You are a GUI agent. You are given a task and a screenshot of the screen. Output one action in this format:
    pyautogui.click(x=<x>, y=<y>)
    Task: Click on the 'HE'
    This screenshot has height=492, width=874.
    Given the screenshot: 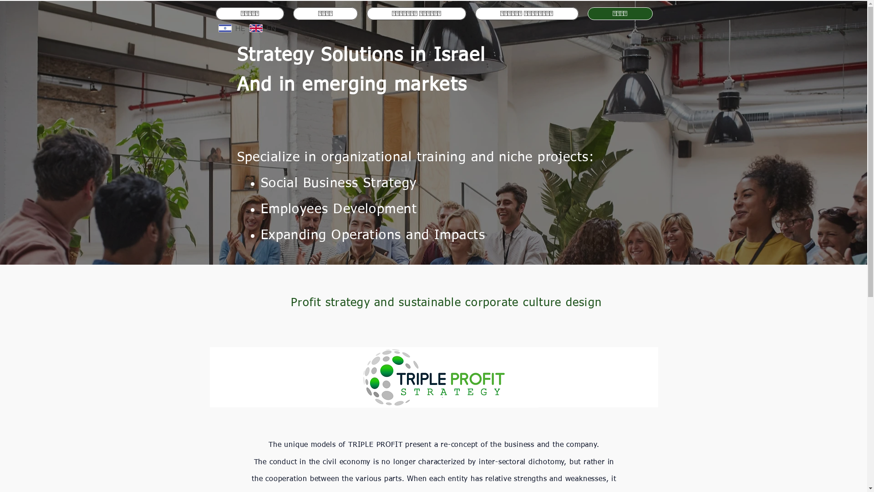 What is the action you would take?
    pyautogui.click(x=232, y=27)
    